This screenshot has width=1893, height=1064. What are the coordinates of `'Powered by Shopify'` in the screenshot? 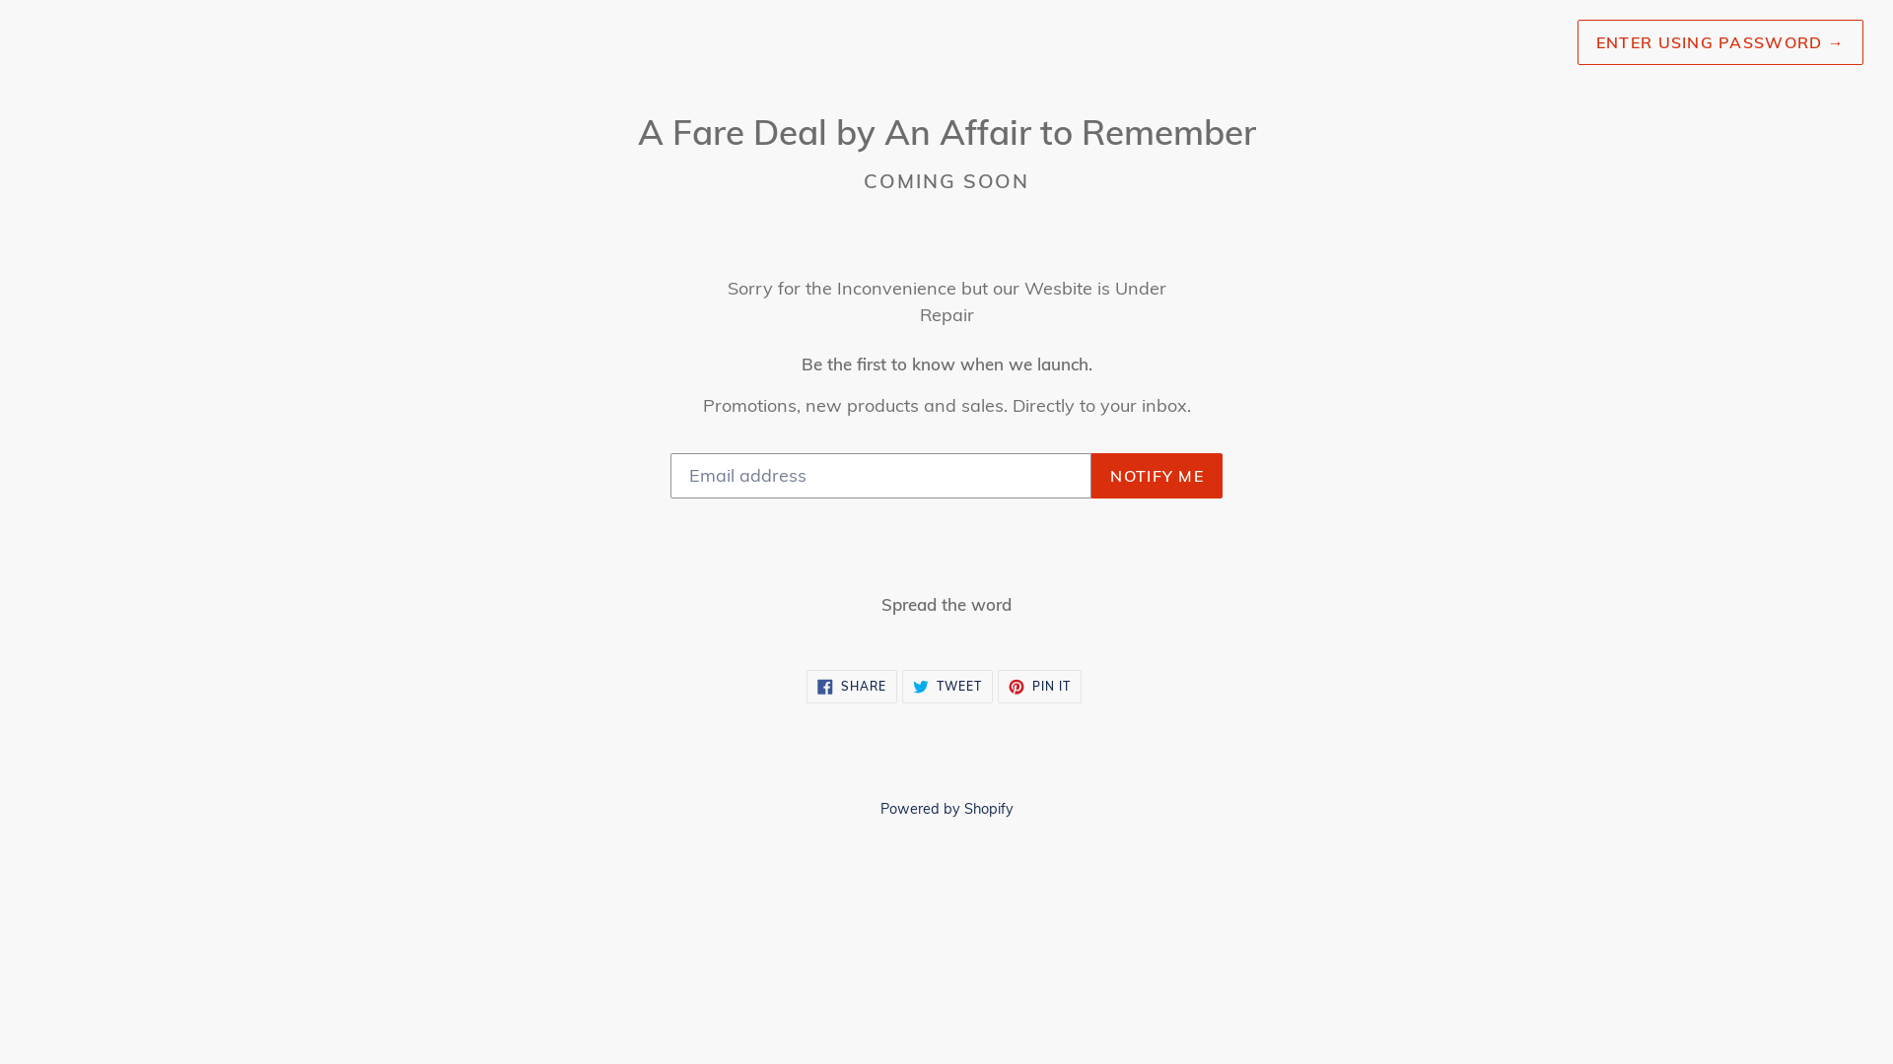 It's located at (945, 809).